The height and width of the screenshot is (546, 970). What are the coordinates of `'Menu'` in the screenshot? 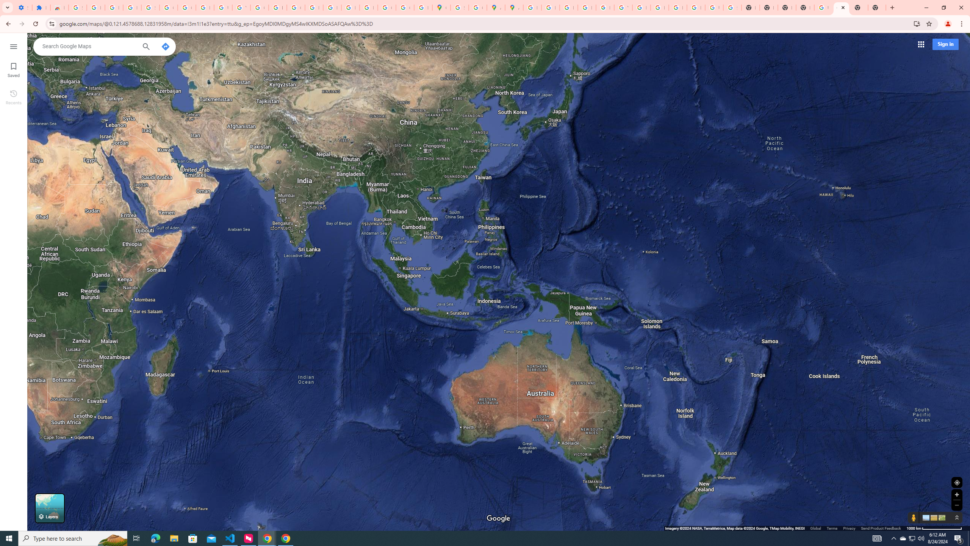 It's located at (13, 45).